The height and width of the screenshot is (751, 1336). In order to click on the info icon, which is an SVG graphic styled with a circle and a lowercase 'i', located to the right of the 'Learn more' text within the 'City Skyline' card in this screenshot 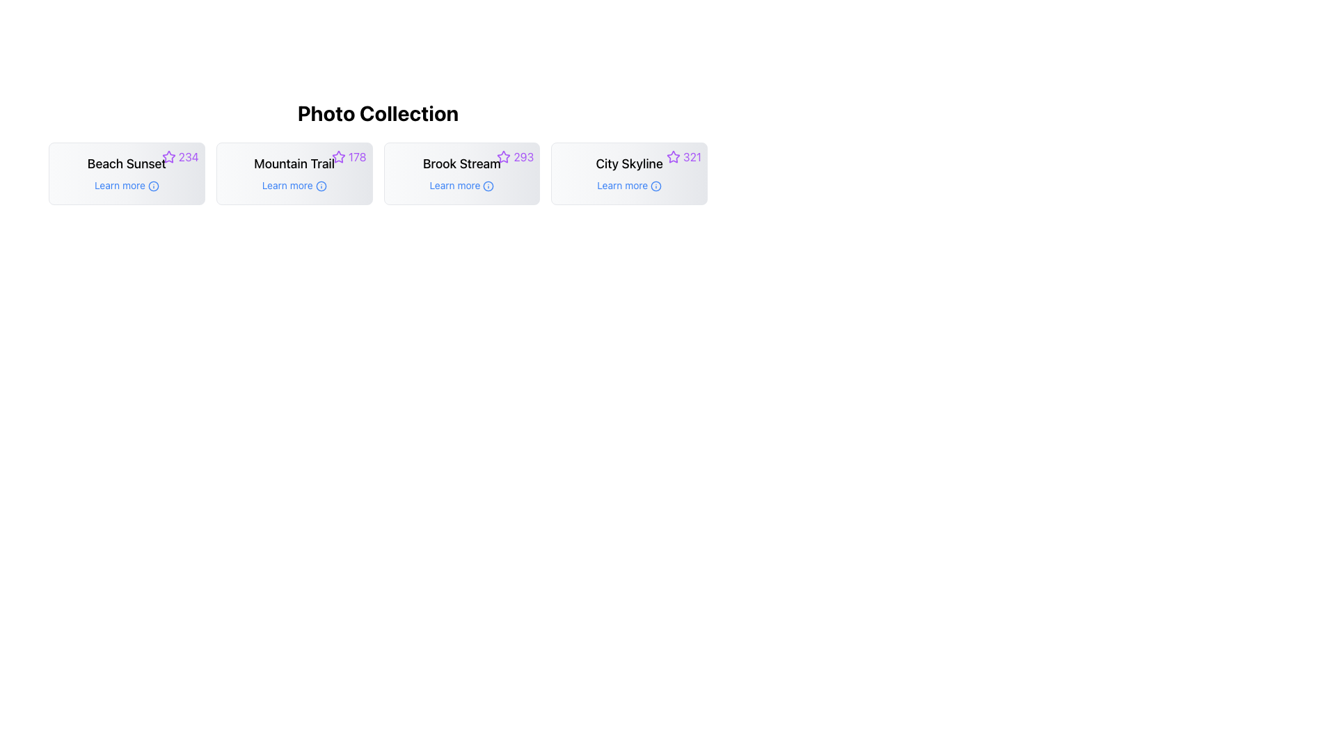, I will do `click(655, 186)`.